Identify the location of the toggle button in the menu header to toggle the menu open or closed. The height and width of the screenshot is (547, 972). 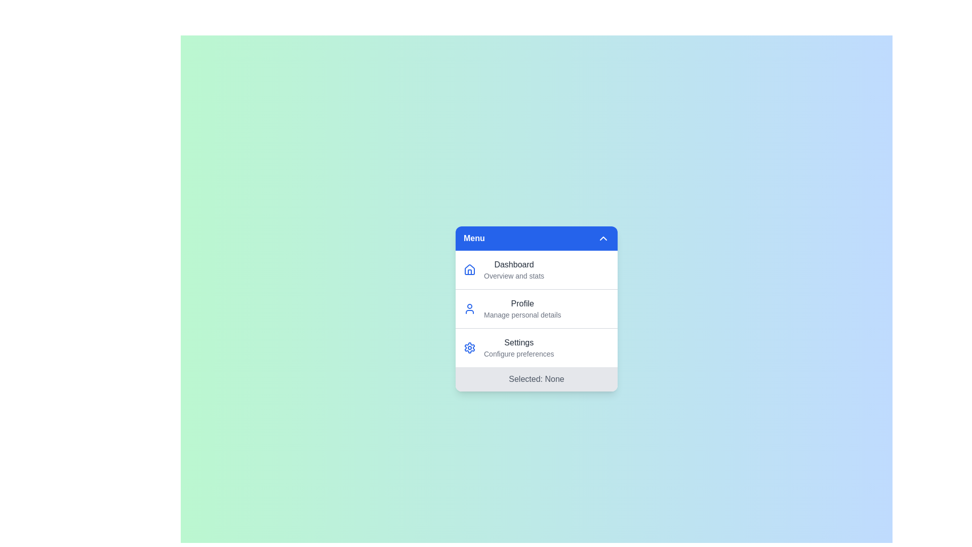
(603, 238).